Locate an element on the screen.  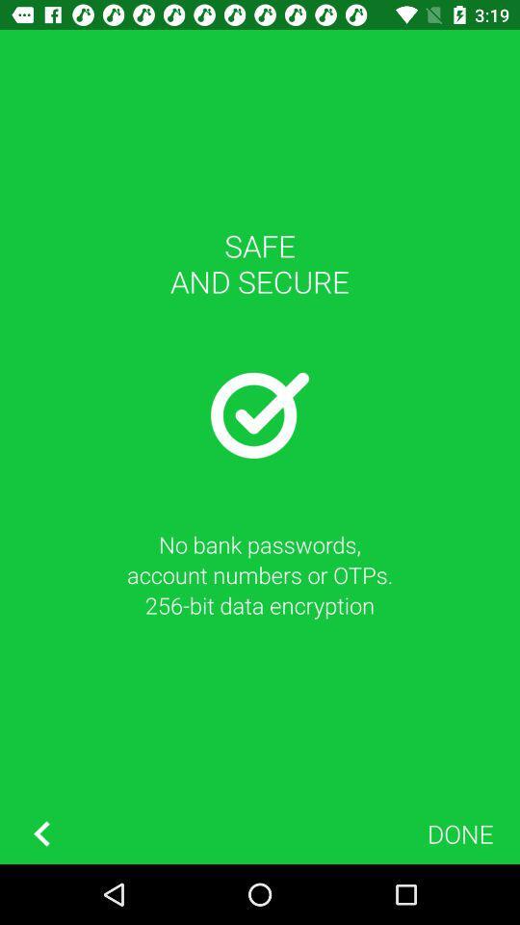
go back is located at coordinates (41, 832).